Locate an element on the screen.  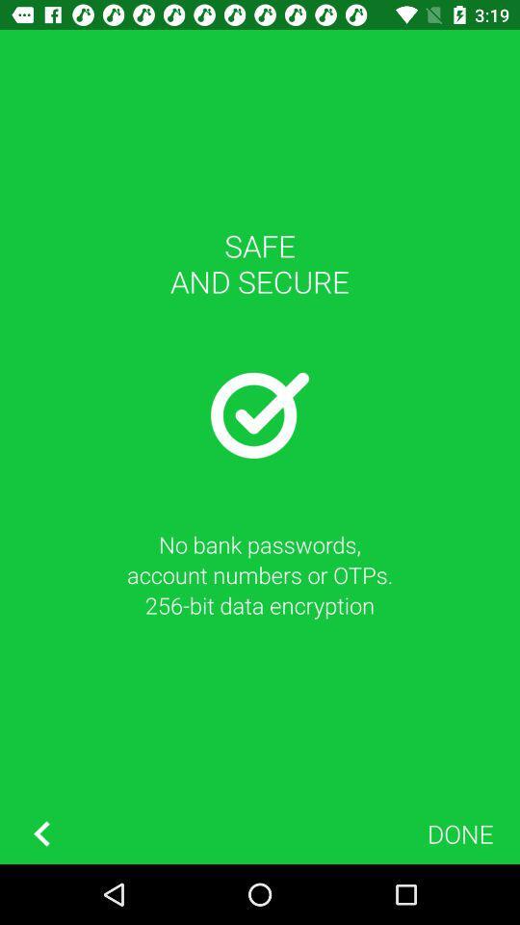
go back is located at coordinates (41, 832).